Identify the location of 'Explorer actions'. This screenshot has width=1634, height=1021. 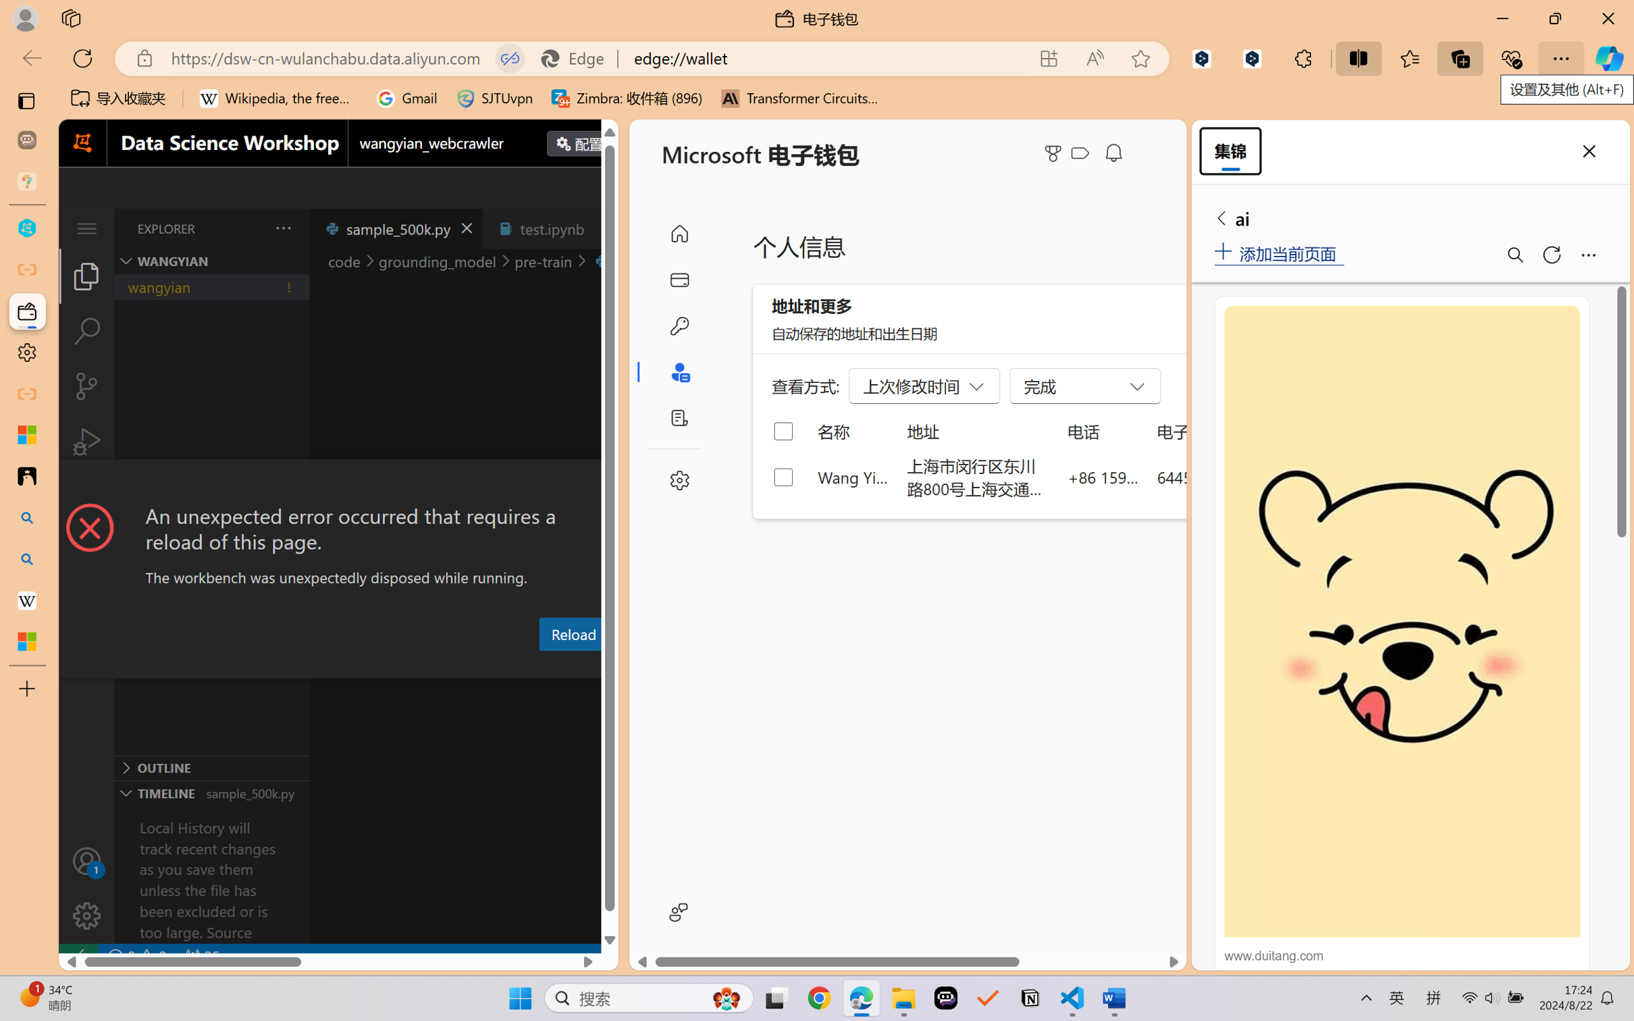
(249, 228).